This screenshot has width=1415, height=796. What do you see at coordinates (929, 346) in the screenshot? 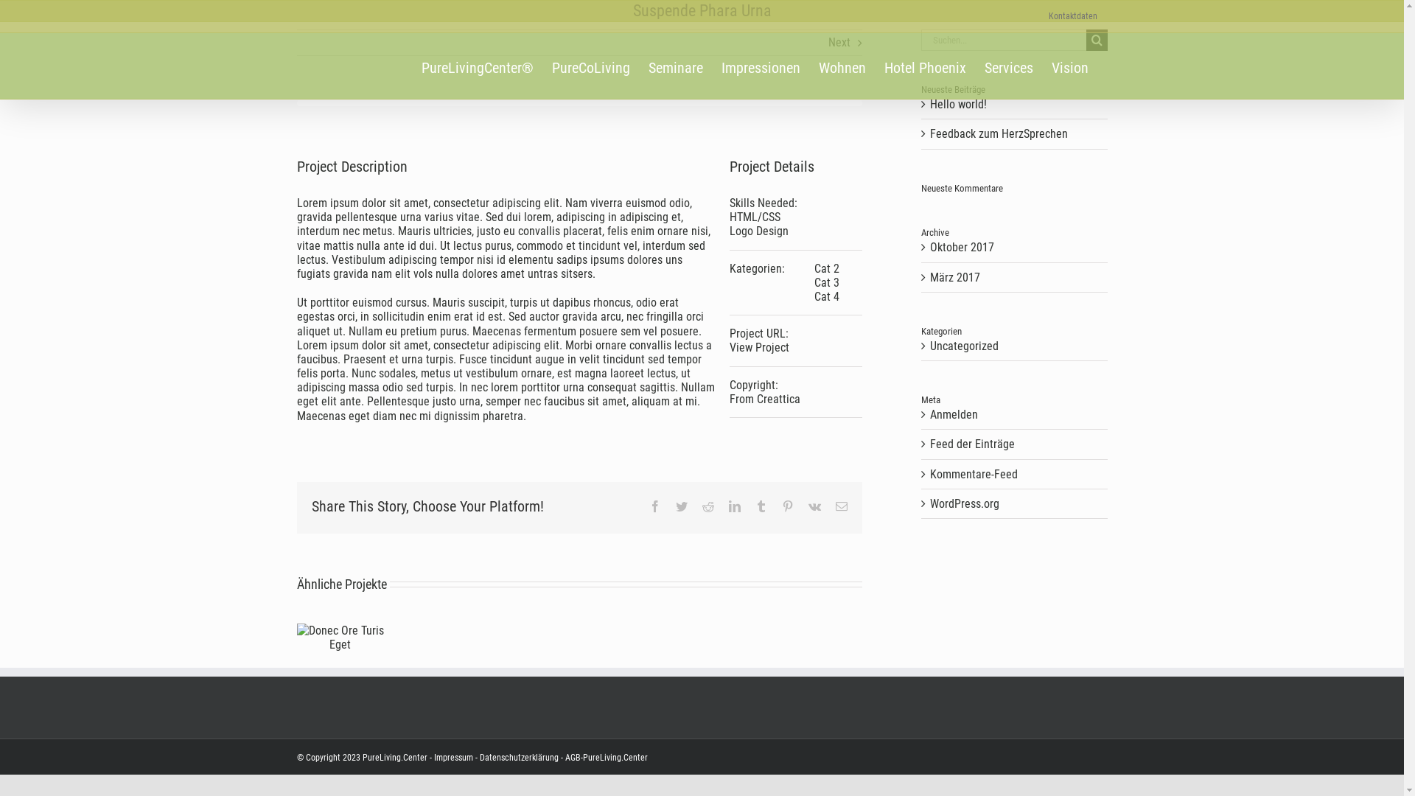
I see `'Uncategorized'` at bounding box center [929, 346].